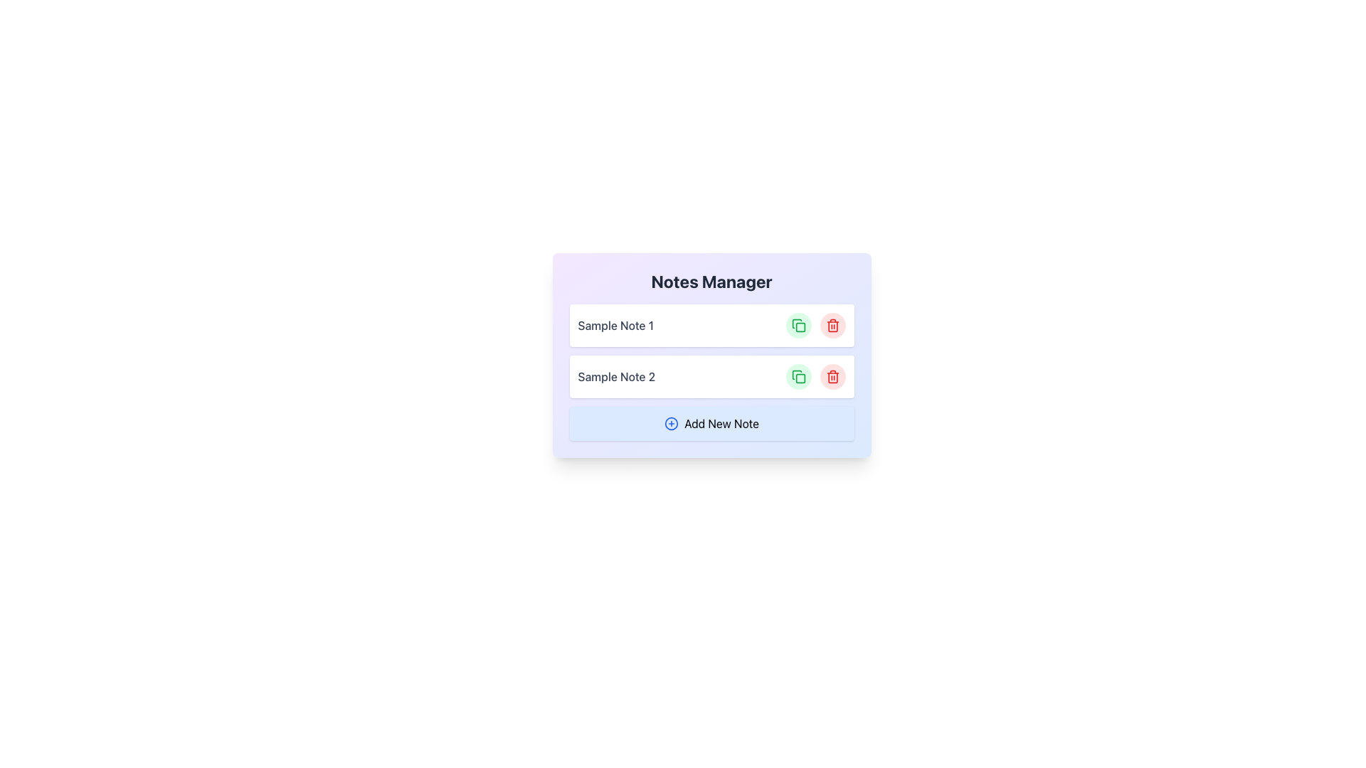  Describe the element at coordinates (798, 375) in the screenshot. I see `the copy button located to the right of 'Sample Note 2' in the second row of the note management interface` at that location.